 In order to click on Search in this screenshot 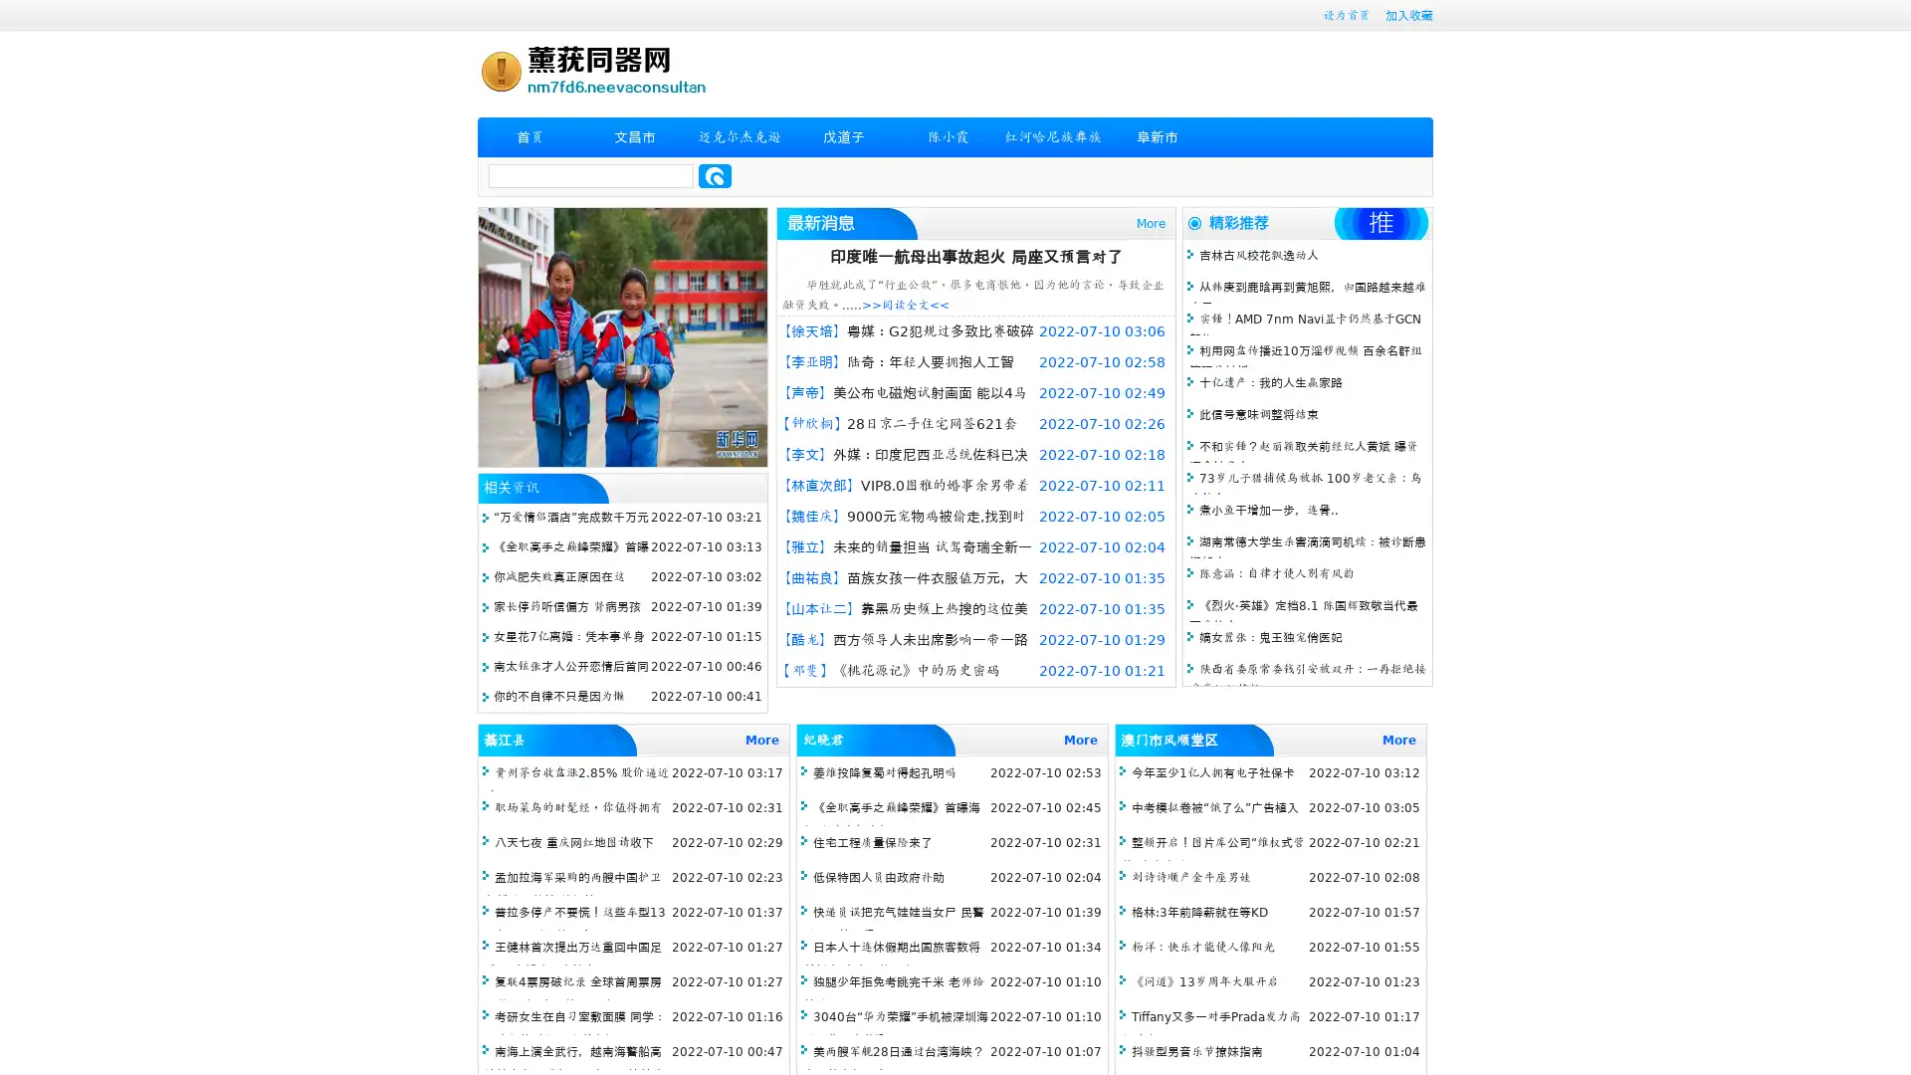, I will do `click(715, 175)`.